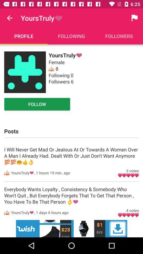 The width and height of the screenshot is (143, 254). Describe the element at coordinates (71, 228) in the screenshot. I see `advertisement page` at that location.